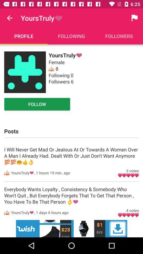 The width and height of the screenshot is (143, 254). Describe the element at coordinates (71, 228) in the screenshot. I see `advertisement page` at that location.